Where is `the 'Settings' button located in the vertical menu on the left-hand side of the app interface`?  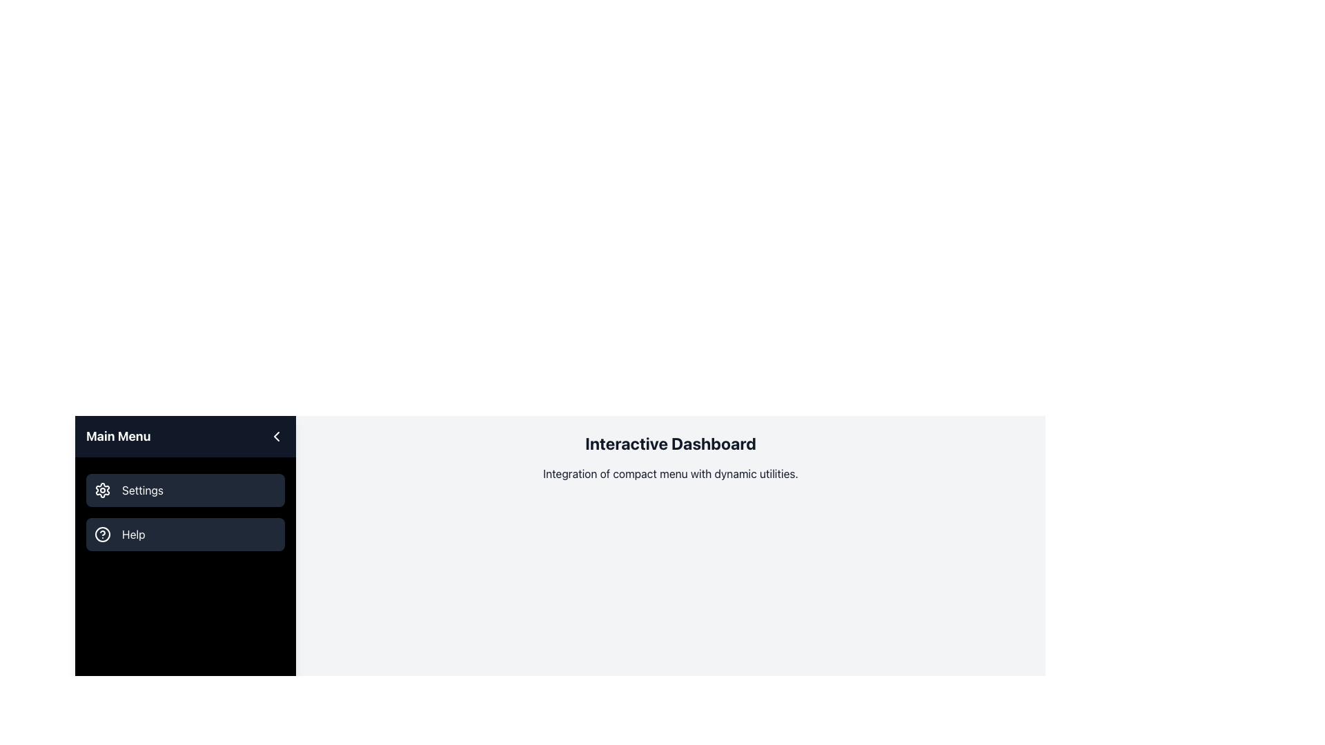
the 'Settings' button located in the vertical menu on the left-hand side of the app interface is located at coordinates (184, 489).